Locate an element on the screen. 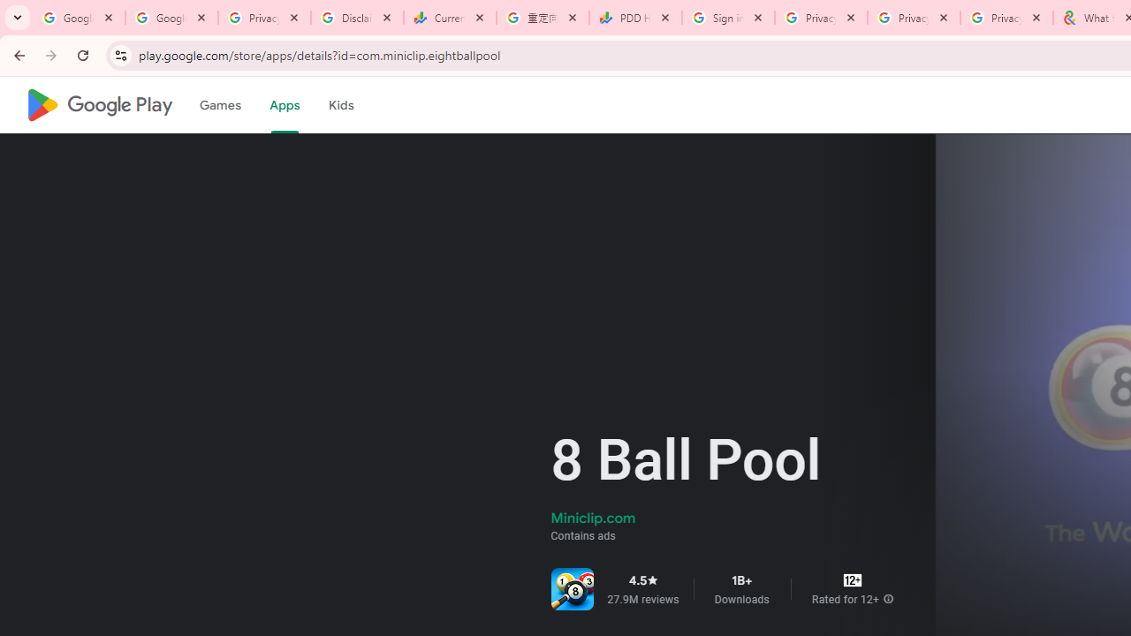 Image resolution: width=1131 pixels, height=636 pixels. 'Content rating' is located at coordinates (853, 580).